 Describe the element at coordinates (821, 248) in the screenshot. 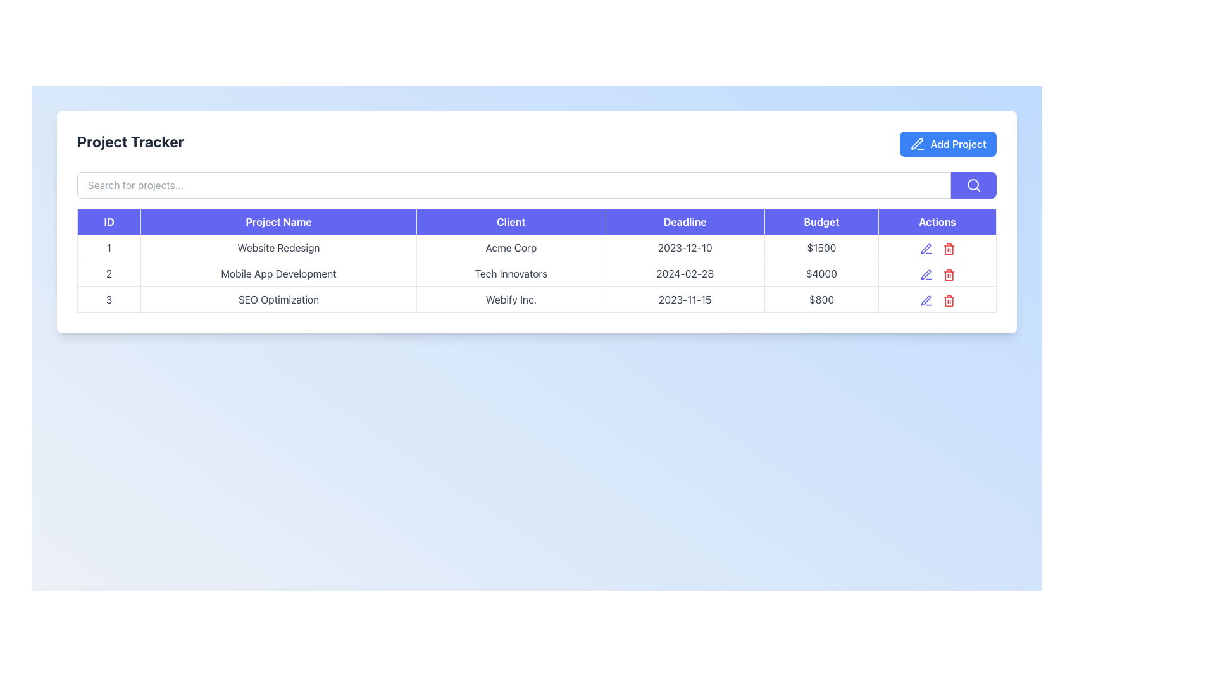

I see `the Text Label displaying the budget value '$1500' in the 'Budget' column of the first row of the table` at that location.